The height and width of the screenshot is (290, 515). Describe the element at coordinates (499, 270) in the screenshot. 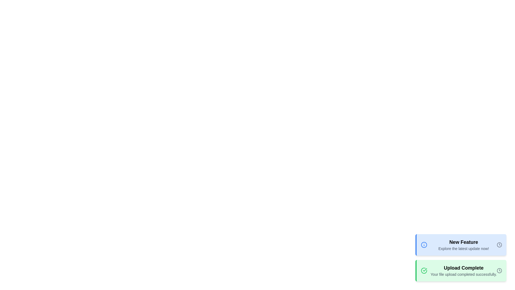

I see `the clear button for the notification with title Upload Complete` at that location.